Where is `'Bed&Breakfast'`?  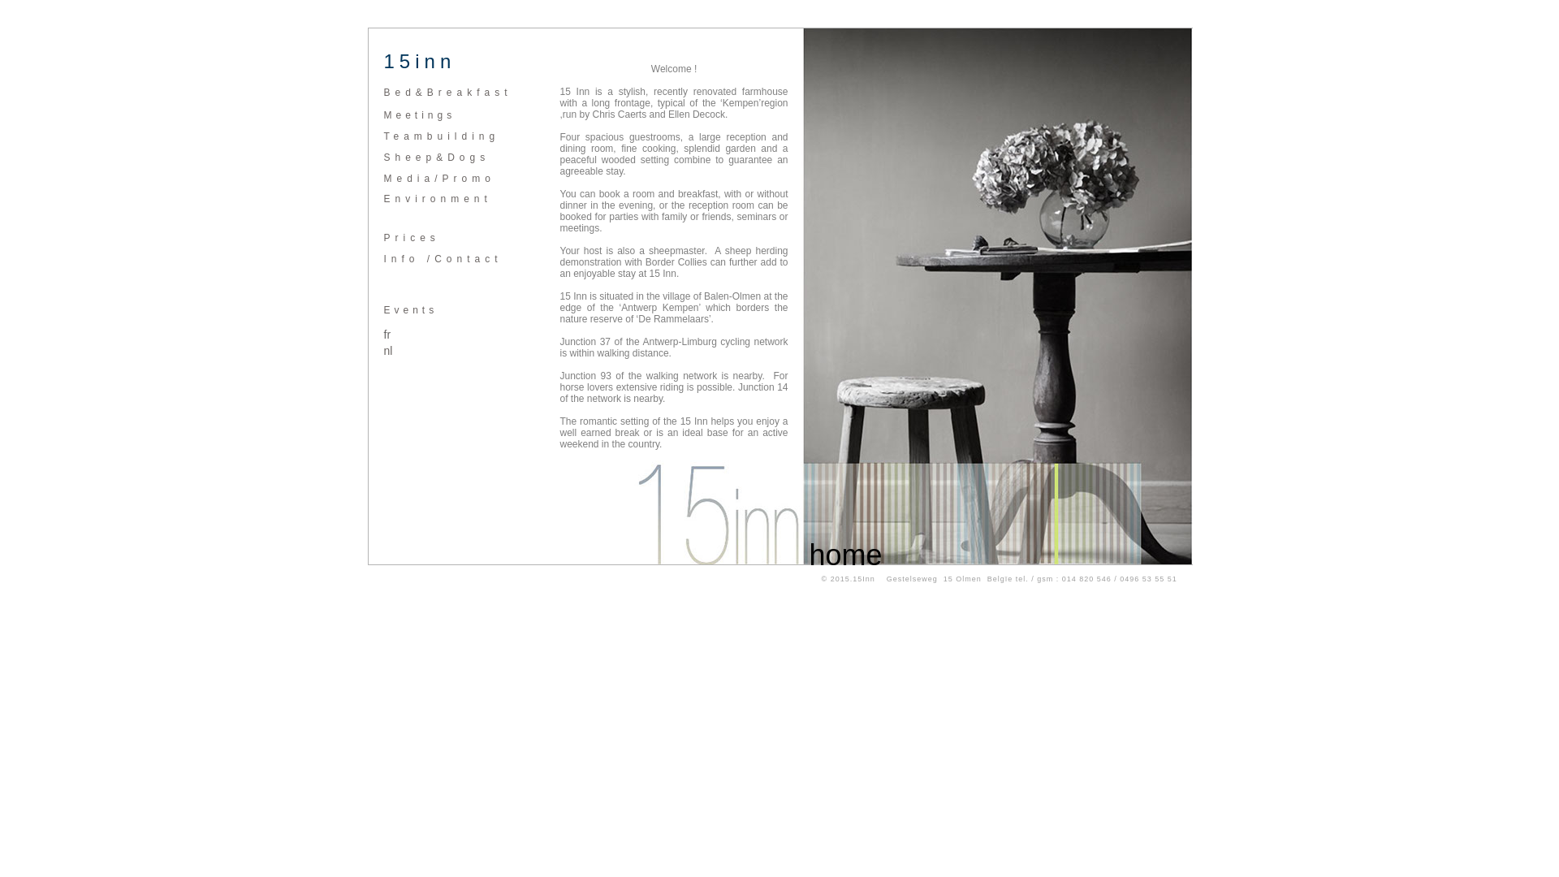
'Bed&Breakfast' is located at coordinates (447, 93).